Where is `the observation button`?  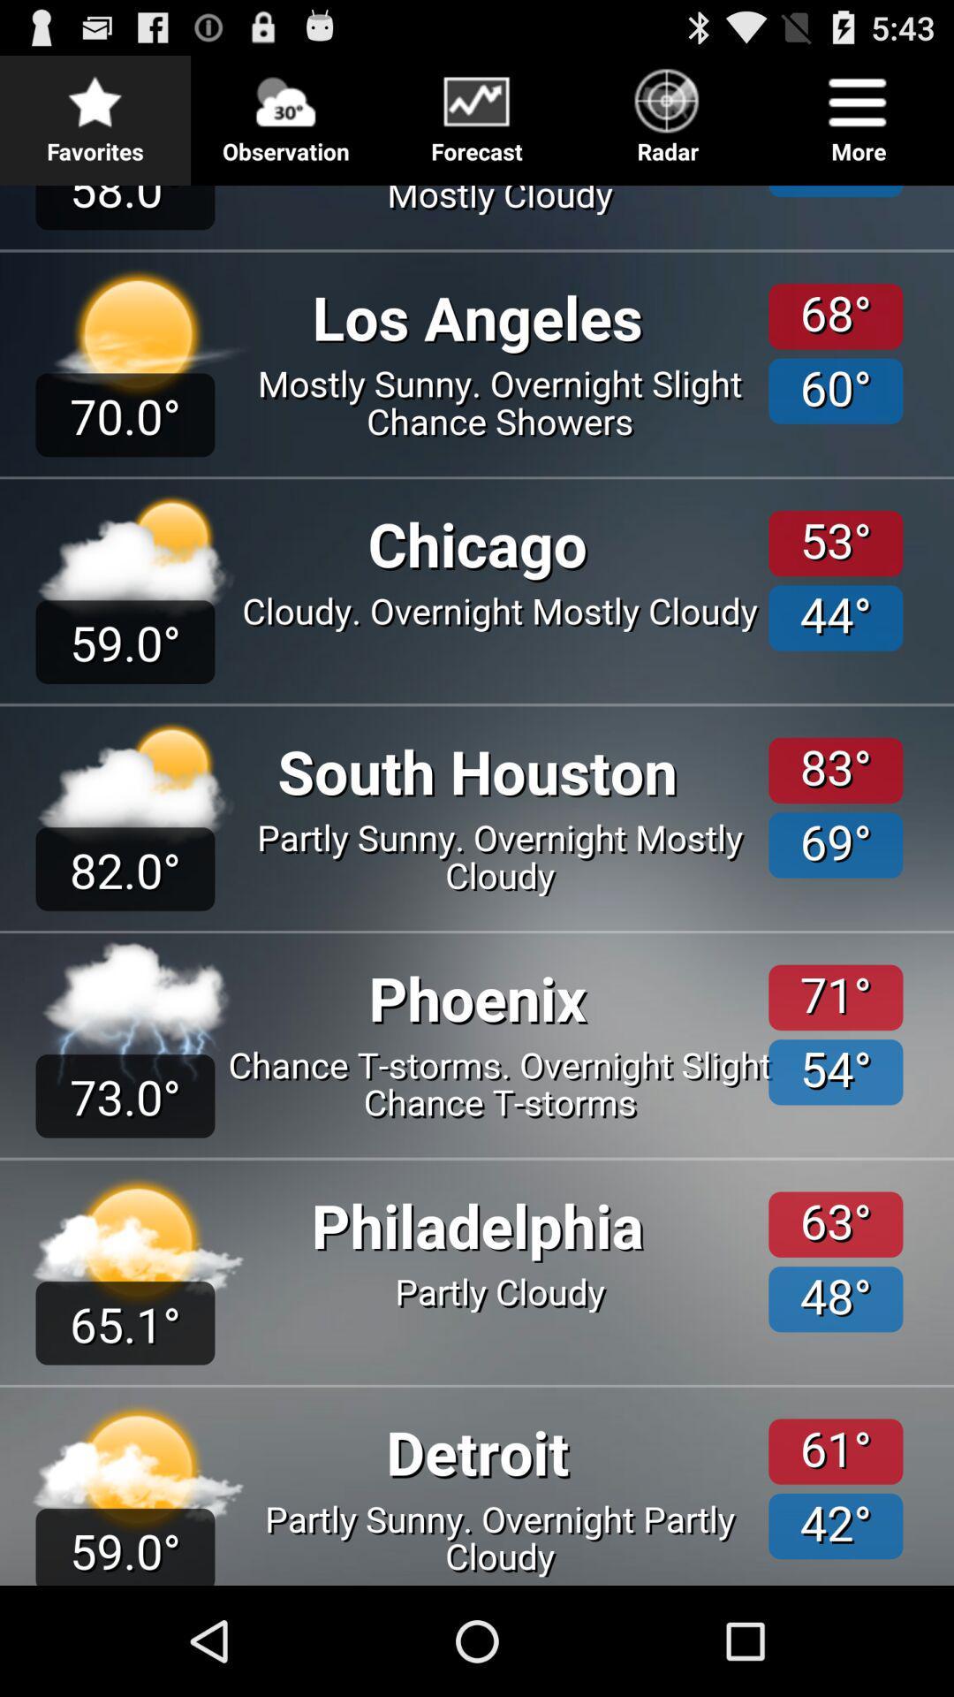
the observation button is located at coordinates (285, 110).